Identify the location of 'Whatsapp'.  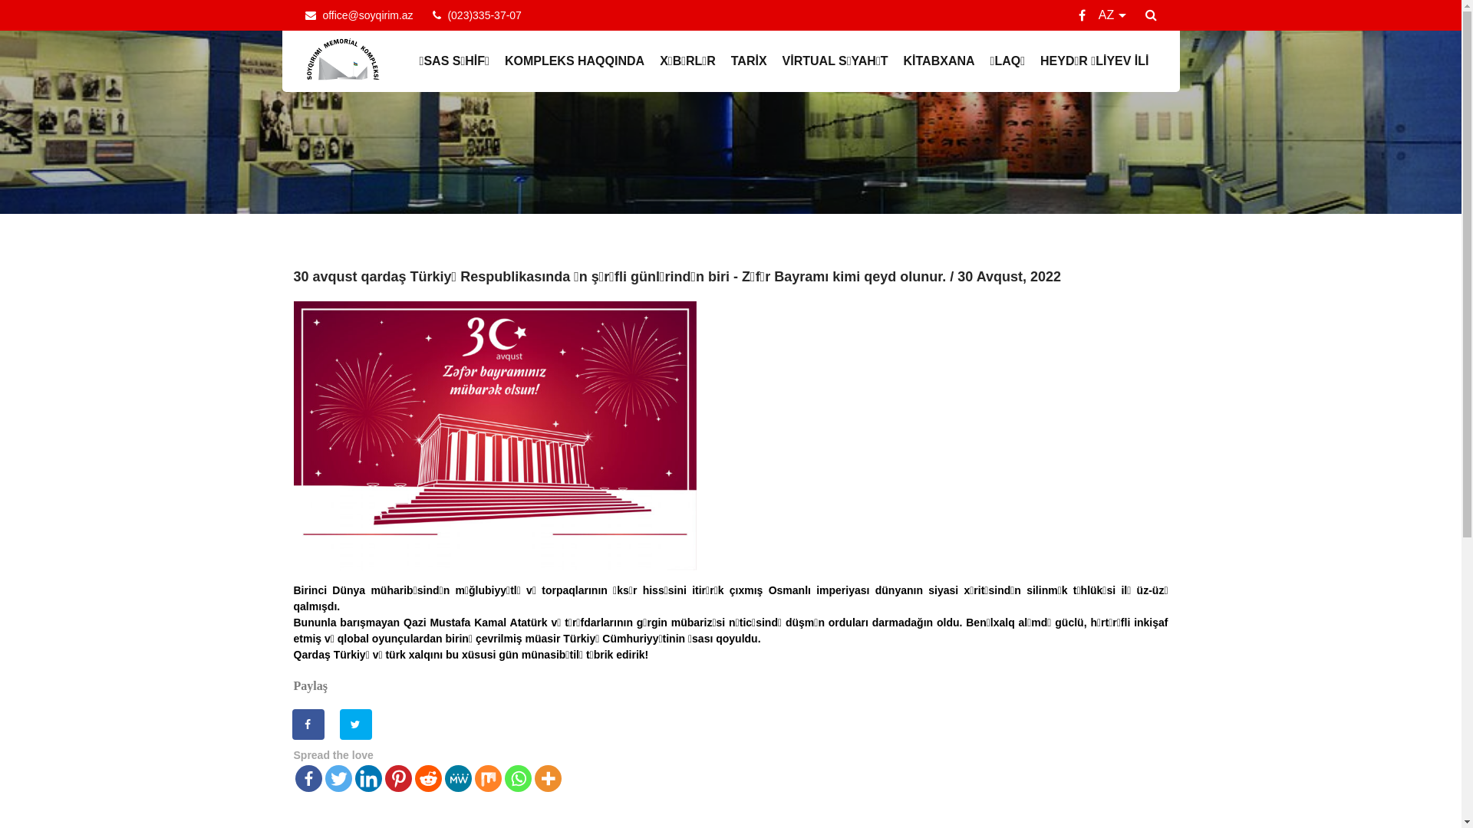
(518, 778).